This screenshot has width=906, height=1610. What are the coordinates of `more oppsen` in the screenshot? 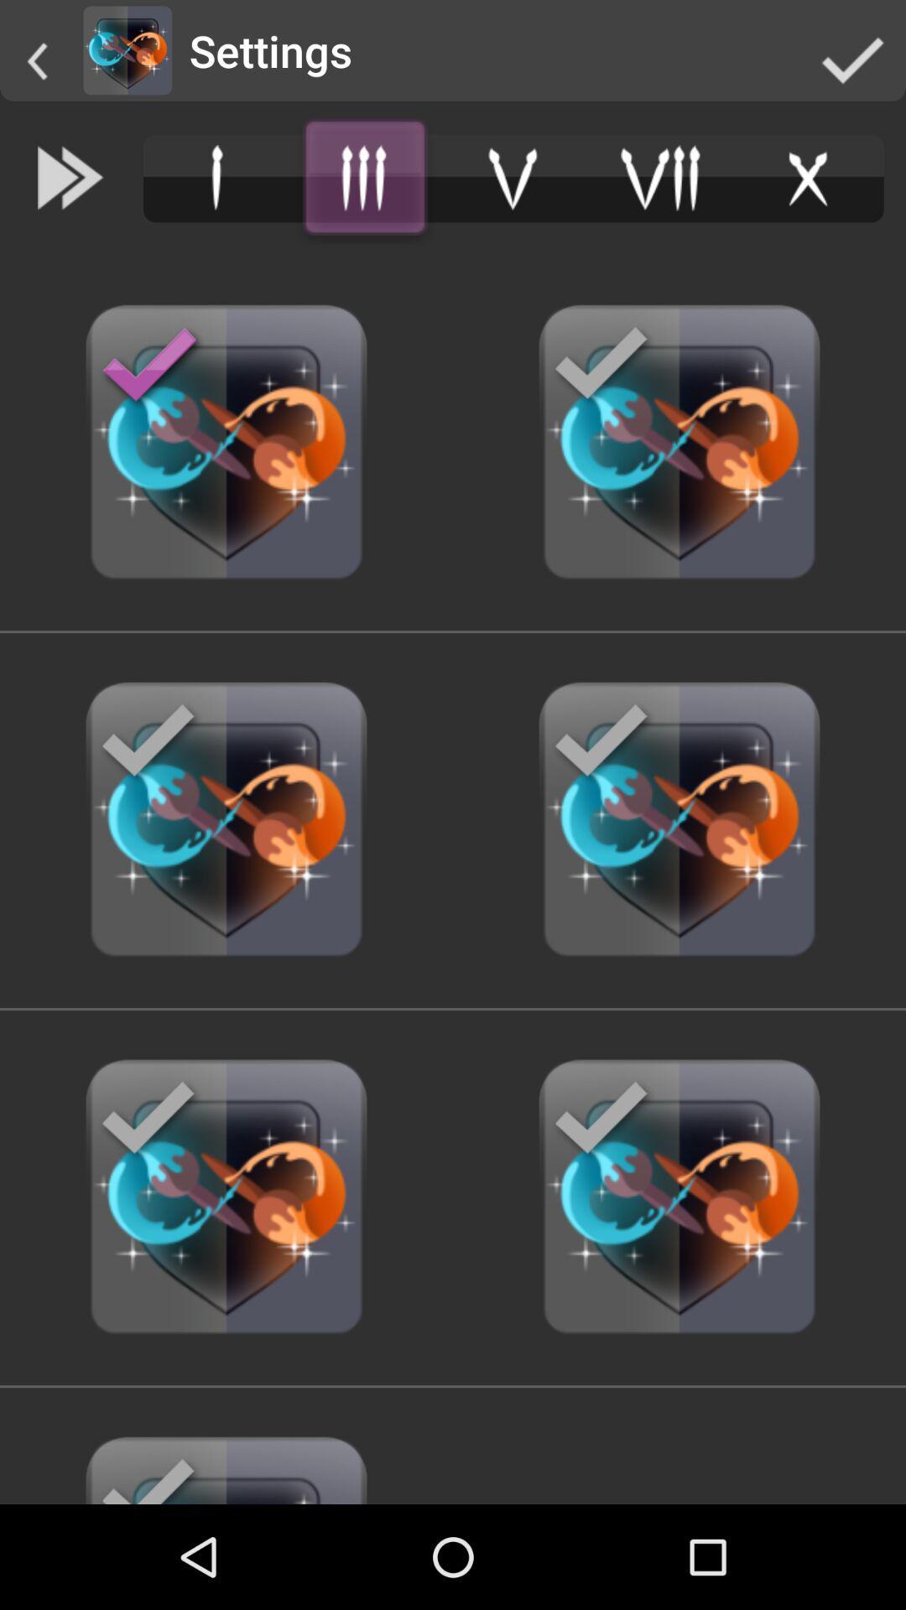 It's located at (364, 178).